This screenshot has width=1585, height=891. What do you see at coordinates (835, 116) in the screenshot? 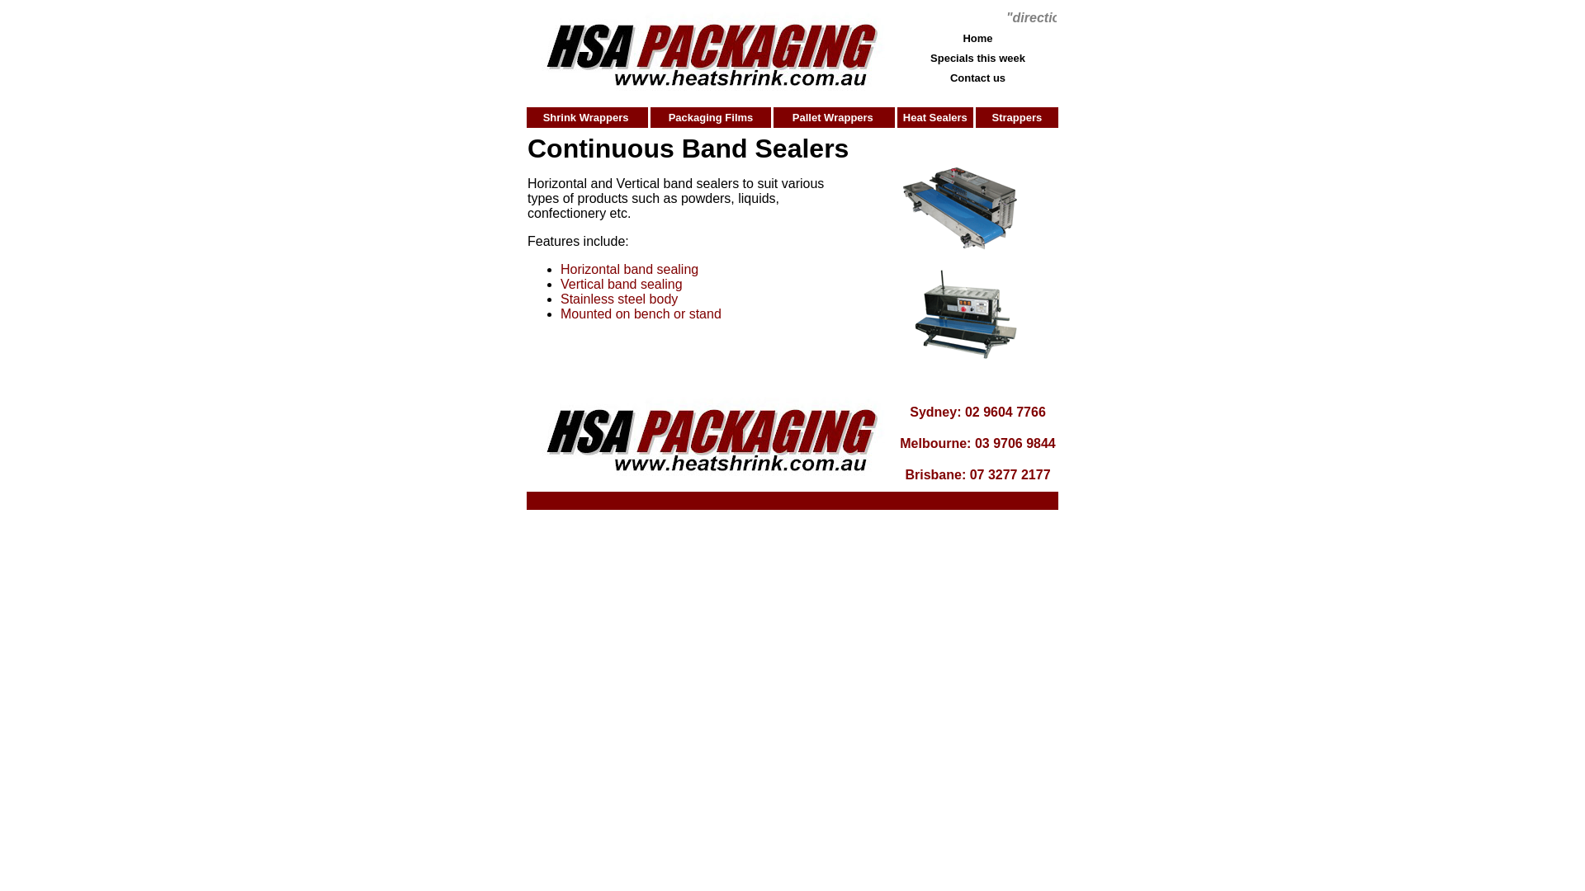
I see `'Pallet Wrappers '` at bounding box center [835, 116].